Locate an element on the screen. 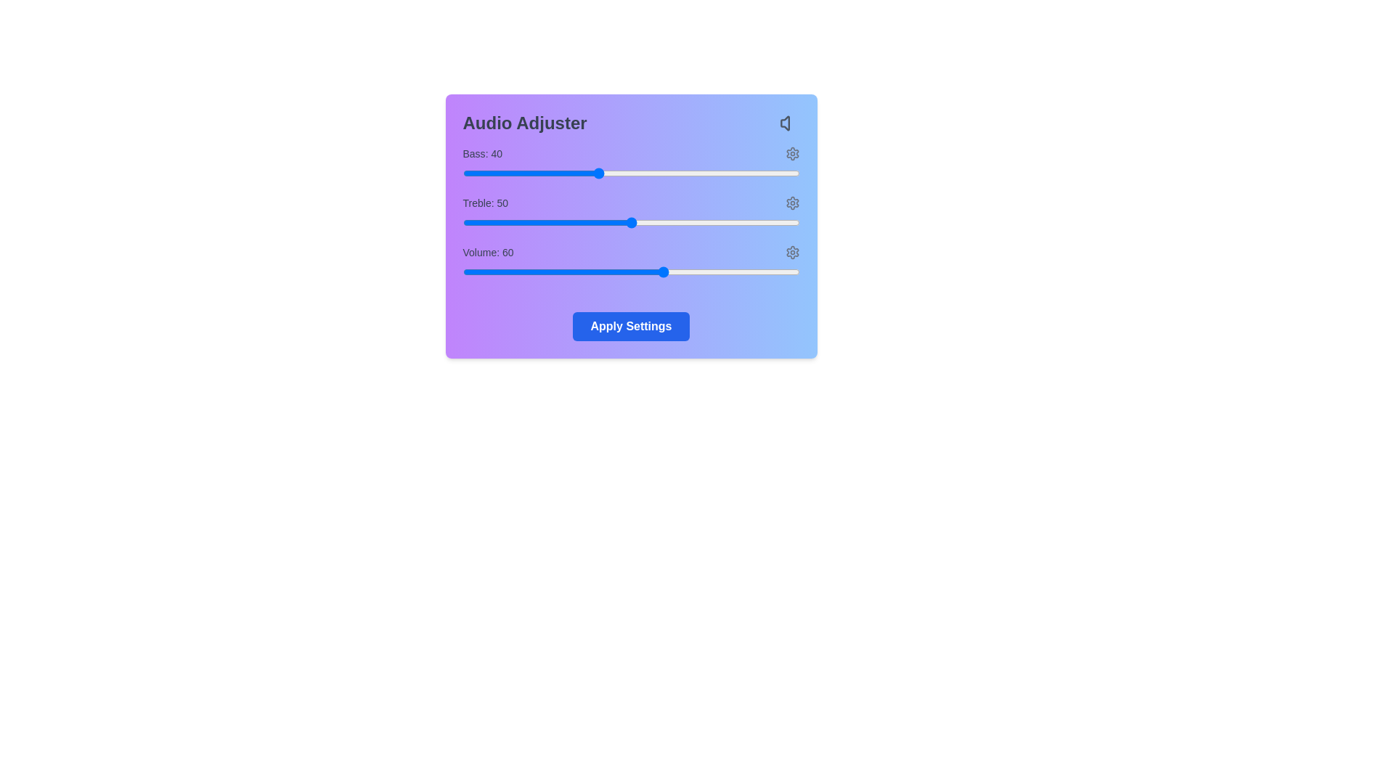 This screenshot has width=1394, height=784. the bass level is located at coordinates (768, 173).